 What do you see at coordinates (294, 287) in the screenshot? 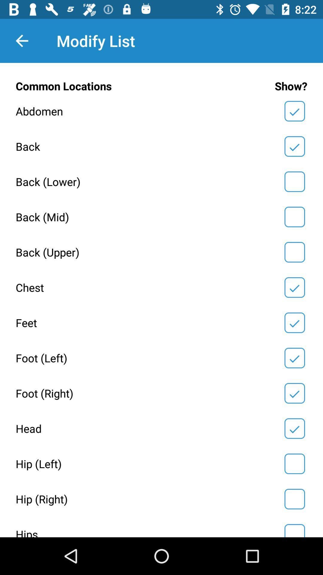
I see `select/deselect` at bounding box center [294, 287].